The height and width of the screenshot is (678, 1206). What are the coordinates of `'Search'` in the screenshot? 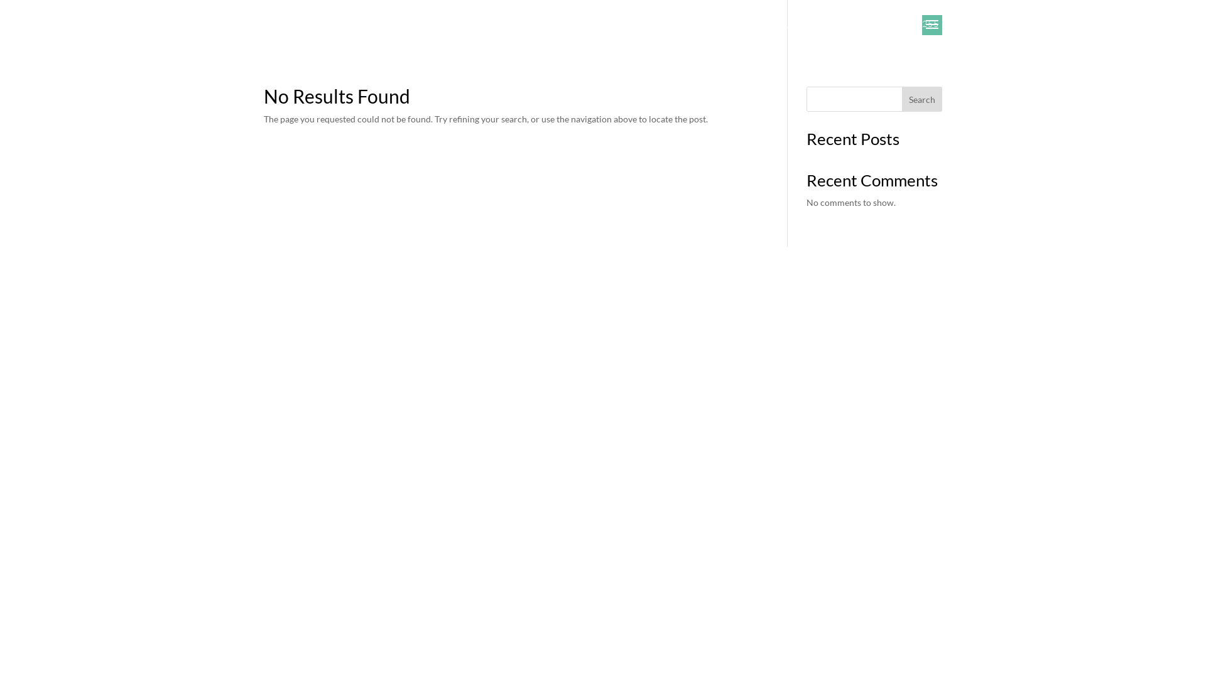 It's located at (922, 99).